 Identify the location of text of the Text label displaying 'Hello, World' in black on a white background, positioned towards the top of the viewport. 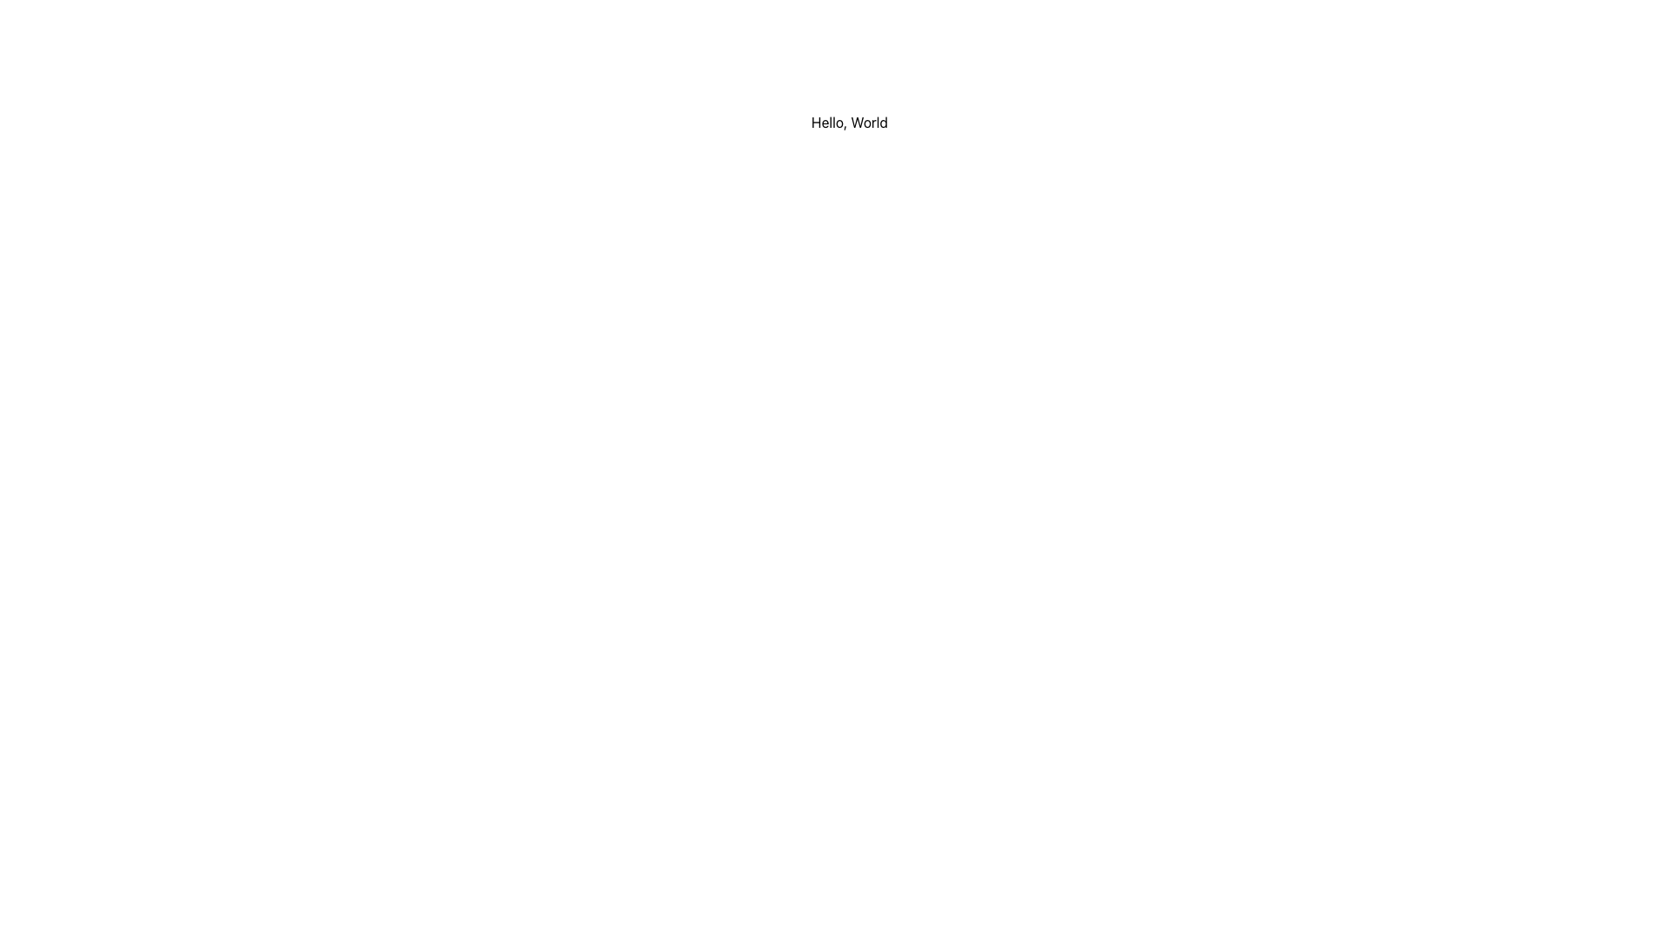
(850, 122).